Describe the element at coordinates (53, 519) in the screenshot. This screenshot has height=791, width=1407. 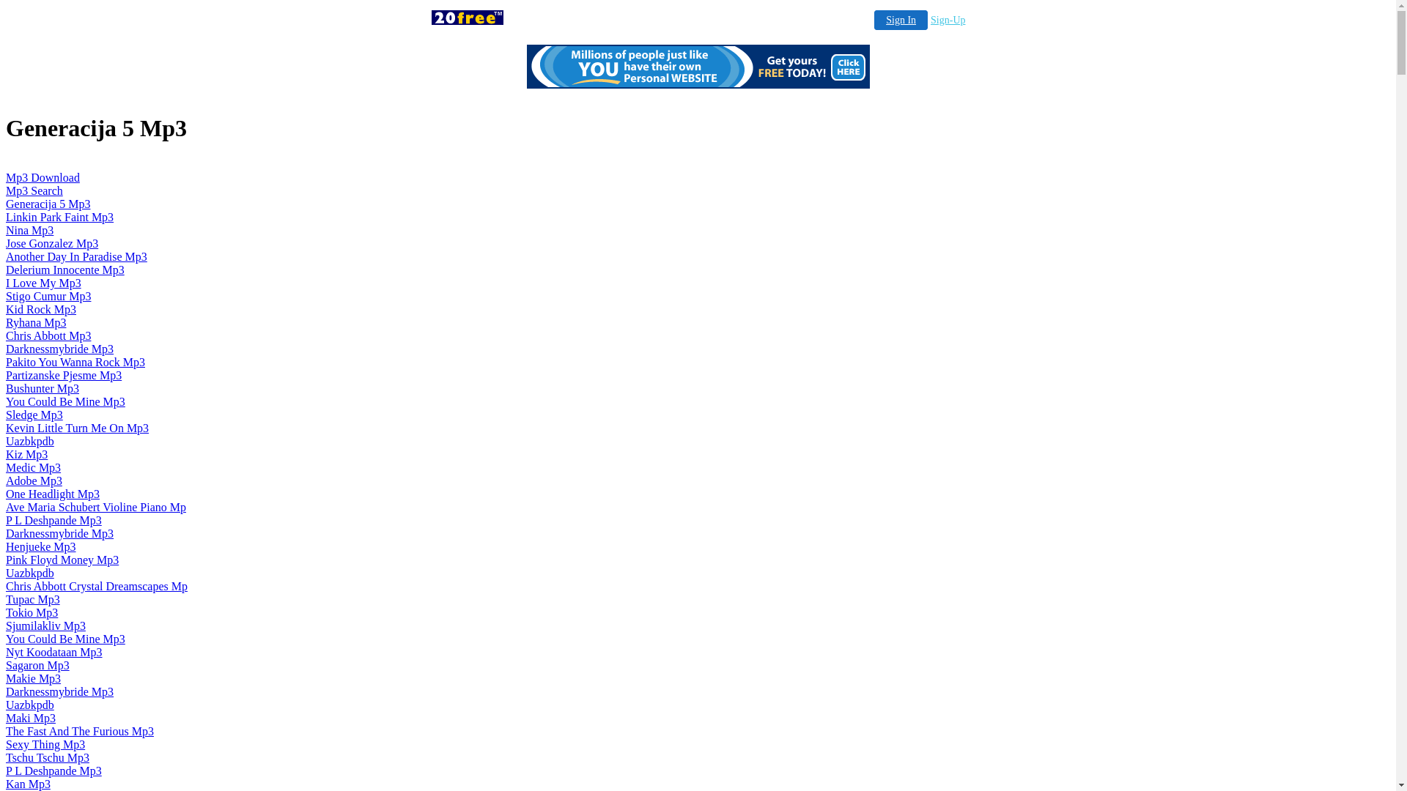
I see `'P L Deshpande Mp3'` at that location.